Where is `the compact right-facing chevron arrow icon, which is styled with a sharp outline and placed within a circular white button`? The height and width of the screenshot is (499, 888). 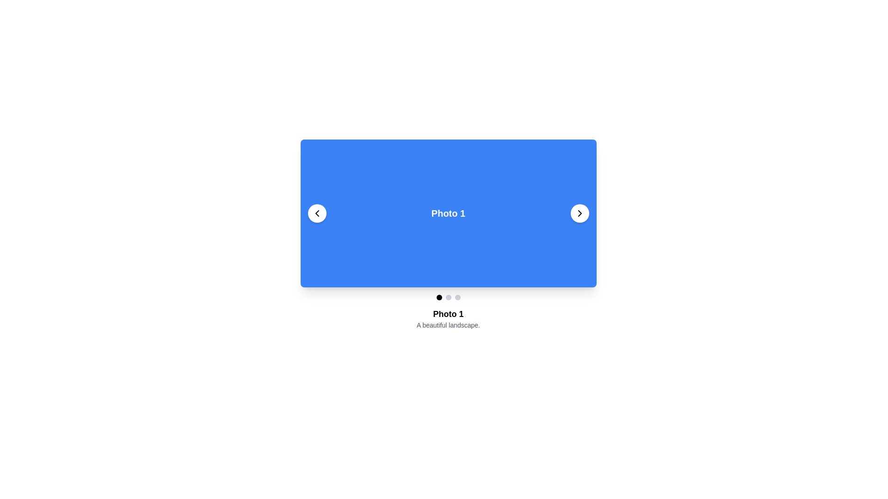
the compact right-facing chevron arrow icon, which is styled with a sharp outline and placed within a circular white button is located at coordinates (579, 213).